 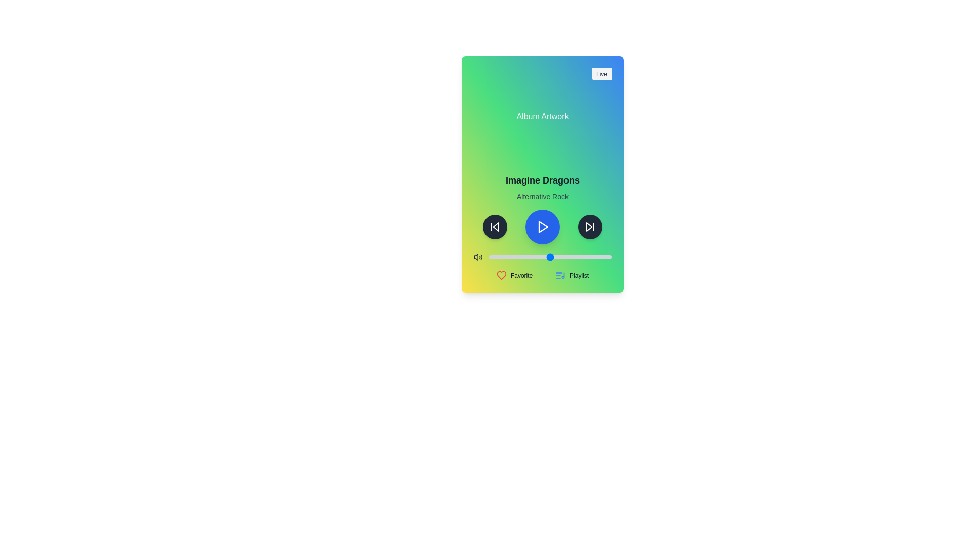 What do you see at coordinates (542, 187) in the screenshot?
I see `the label displaying 'Imagine Dragons' and 'Alternative Rock', which provides contextual information about the content being played` at bounding box center [542, 187].